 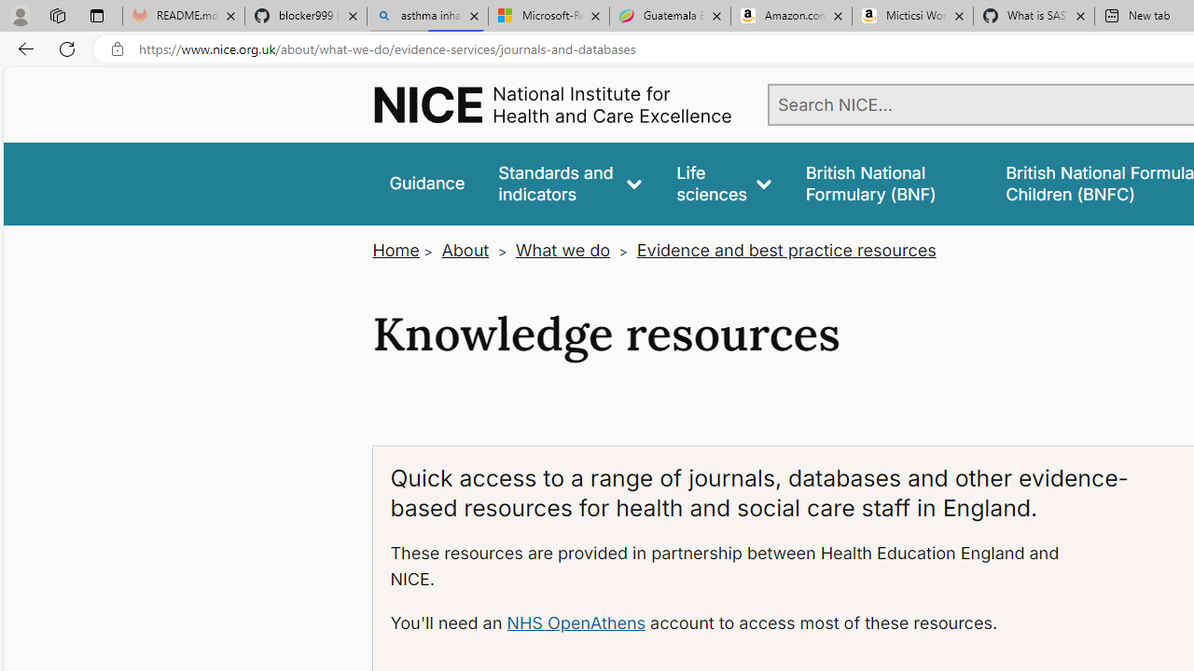 I want to click on 'Evidence and best practice resources', so click(x=785, y=250).